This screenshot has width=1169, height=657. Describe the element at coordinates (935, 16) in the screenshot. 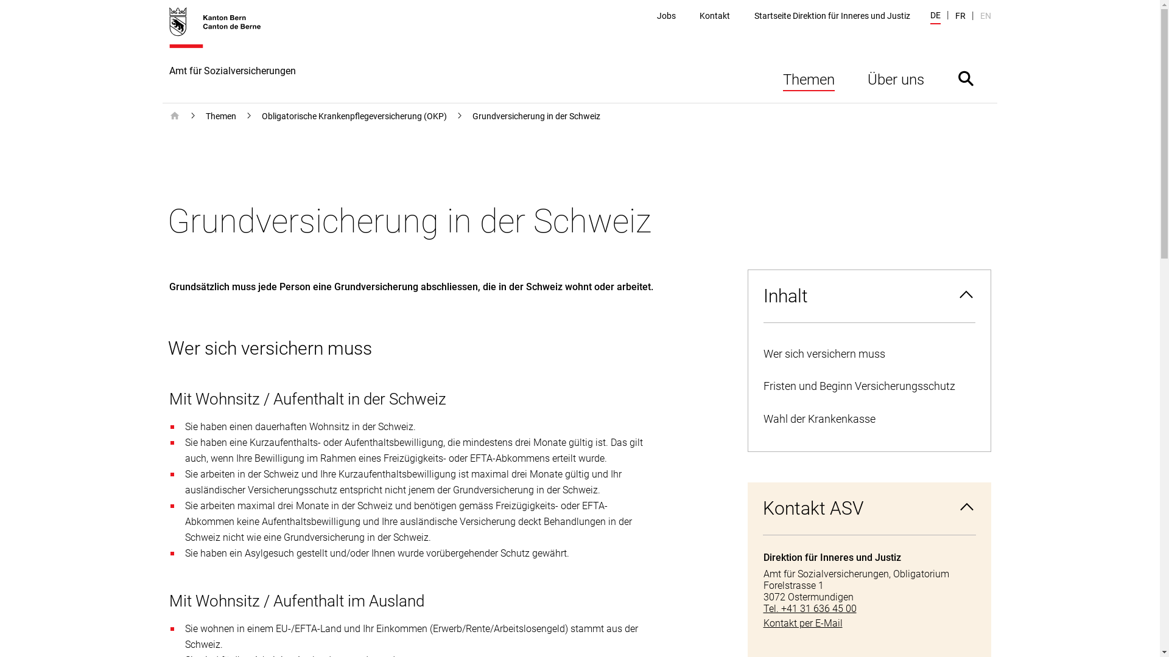

I see `'DE'` at that location.